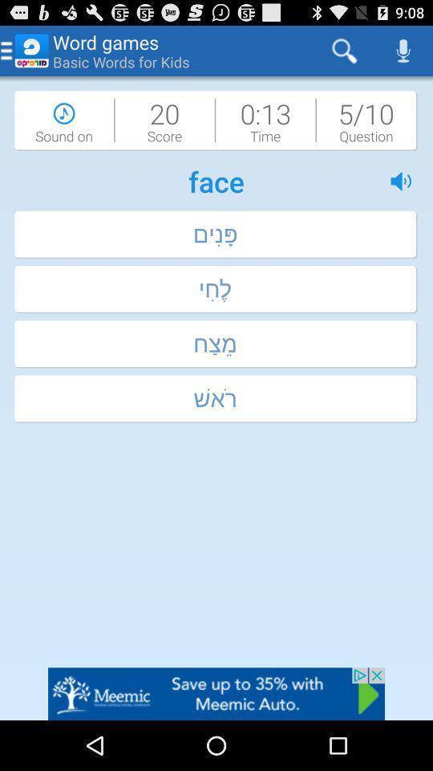 This screenshot has width=433, height=771. What do you see at coordinates (216, 693) in the screenshot?
I see `potential advertisement` at bounding box center [216, 693].